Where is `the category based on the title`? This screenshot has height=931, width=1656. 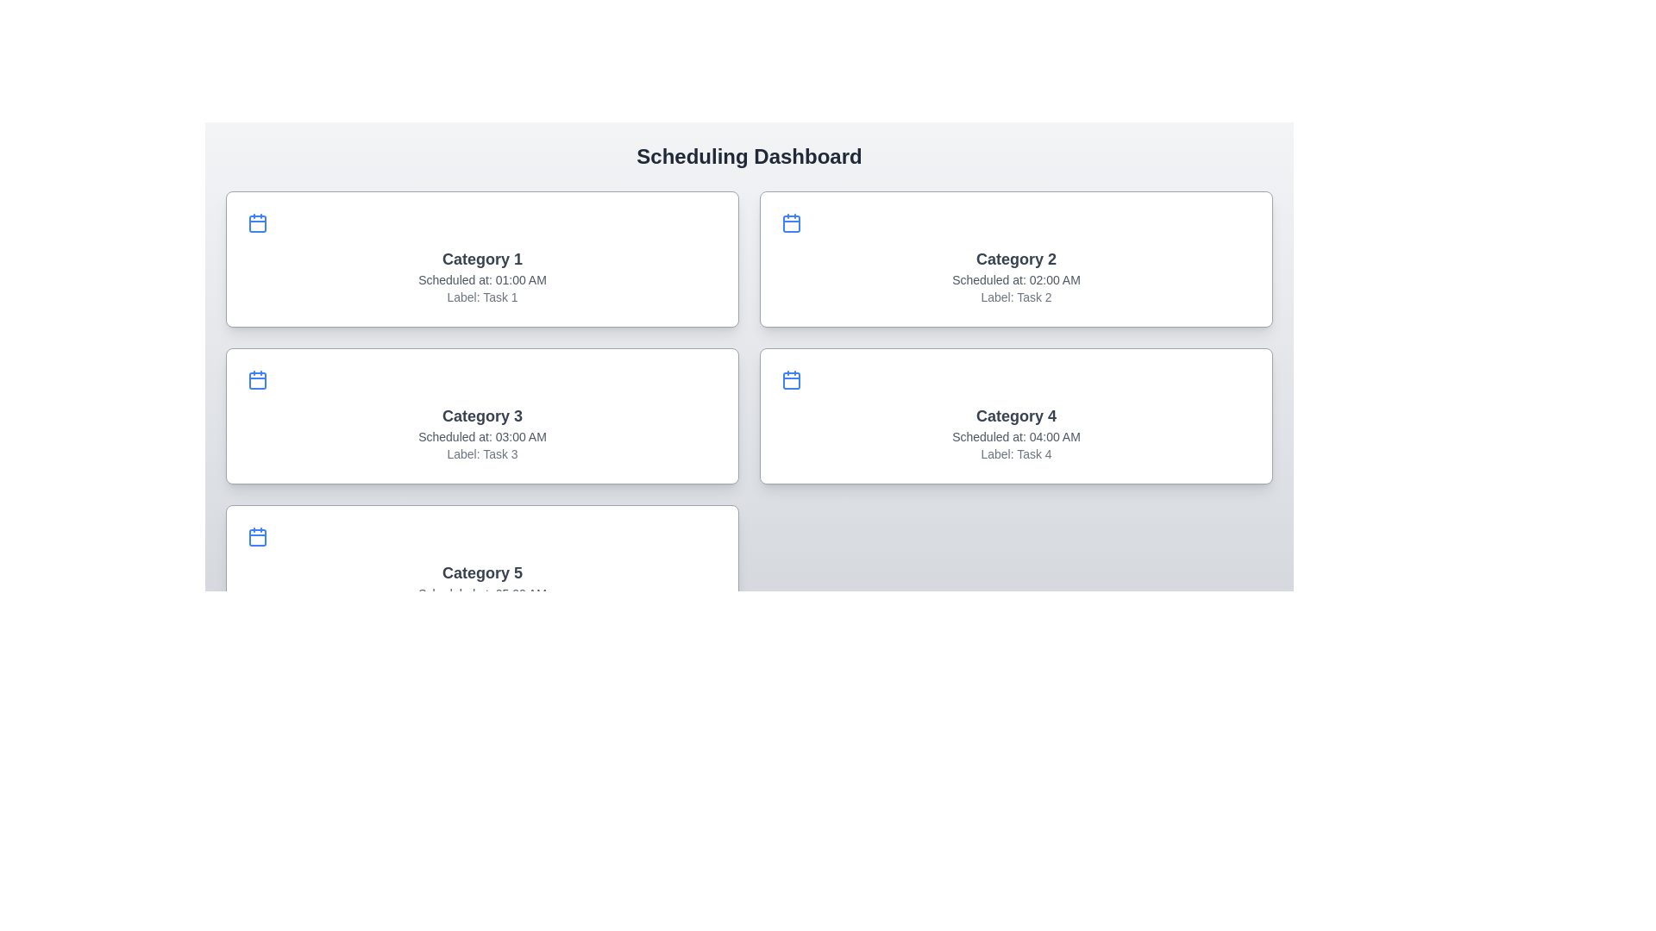 the category based on the title is located at coordinates (482, 259).